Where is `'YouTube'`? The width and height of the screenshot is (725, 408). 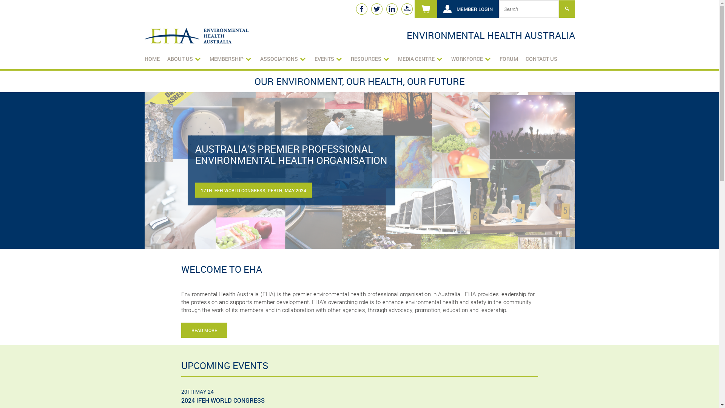
'YouTube' is located at coordinates (400, 9).